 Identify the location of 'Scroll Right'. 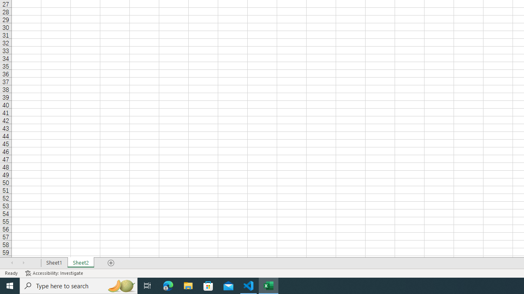
(23, 263).